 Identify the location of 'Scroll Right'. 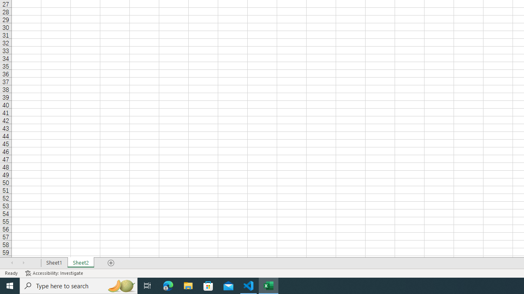
(23, 263).